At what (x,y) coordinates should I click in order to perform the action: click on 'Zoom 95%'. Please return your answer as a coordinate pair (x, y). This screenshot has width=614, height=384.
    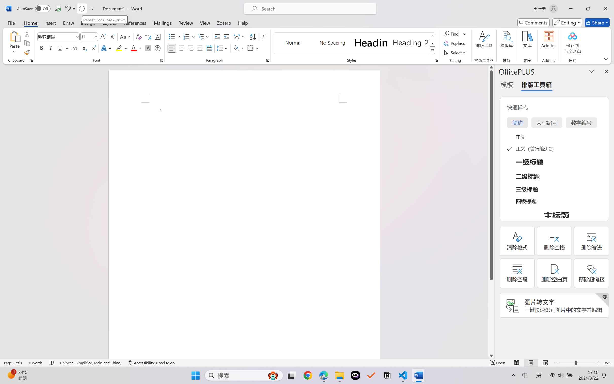
    Looking at the image, I should click on (607, 363).